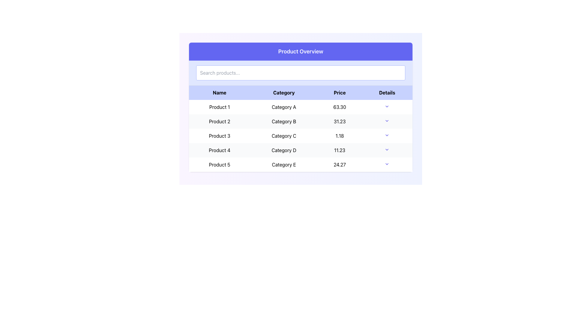  What do you see at coordinates (387, 136) in the screenshot?
I see `the dropdown toggle icon located at the far-right cell of the row for 'Product 3'` at bounding box center [387, 136].